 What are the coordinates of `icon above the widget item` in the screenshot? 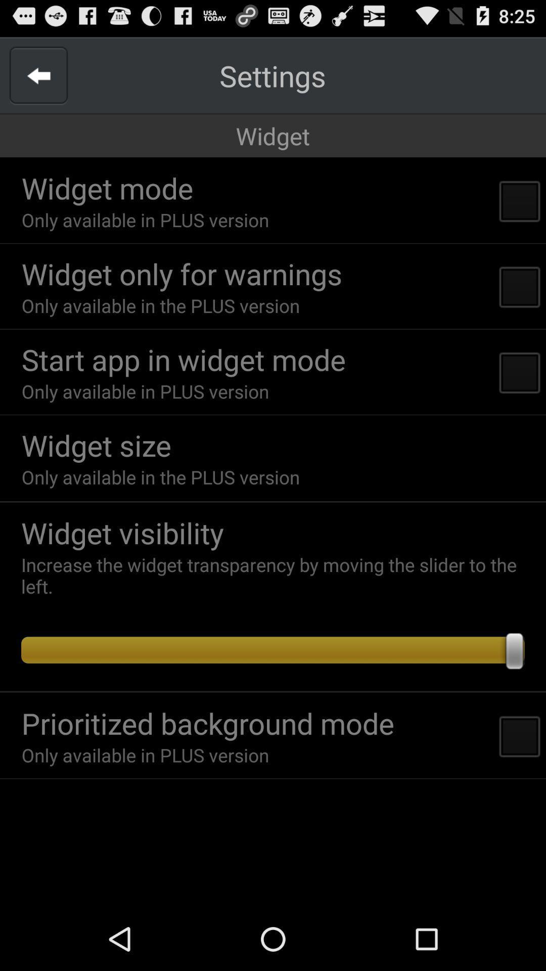 It's located at (272, 75).